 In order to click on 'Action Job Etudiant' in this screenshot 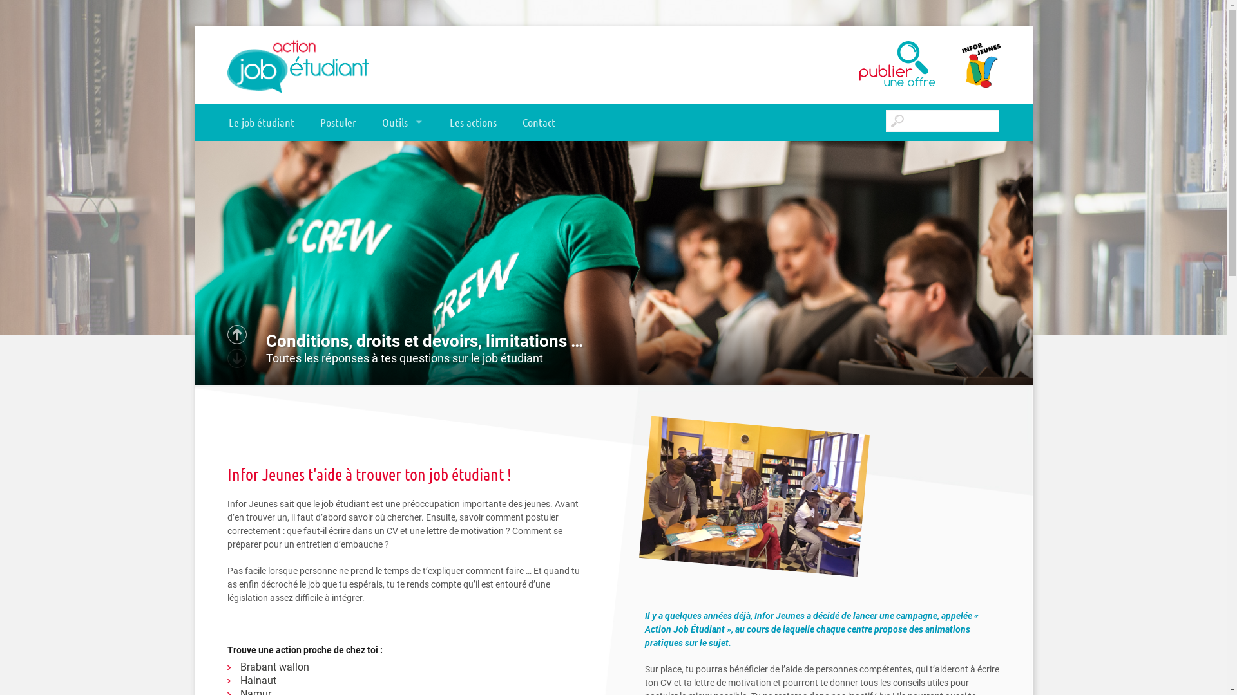, I will do `click(296, 64)`.